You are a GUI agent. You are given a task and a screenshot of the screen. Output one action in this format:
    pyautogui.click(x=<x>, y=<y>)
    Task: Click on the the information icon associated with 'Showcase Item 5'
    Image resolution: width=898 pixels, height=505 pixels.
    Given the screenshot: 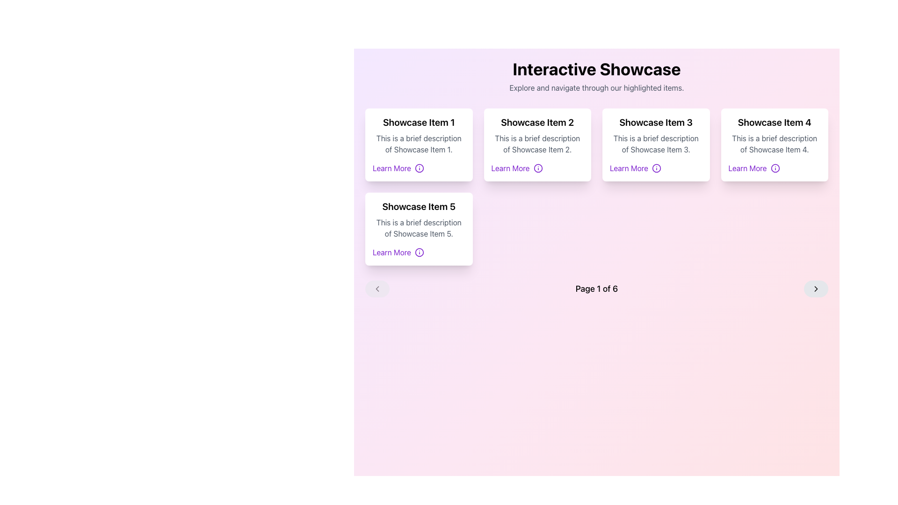 What is the action you would take?
    pyautogui.click(x=419, y=252)
    